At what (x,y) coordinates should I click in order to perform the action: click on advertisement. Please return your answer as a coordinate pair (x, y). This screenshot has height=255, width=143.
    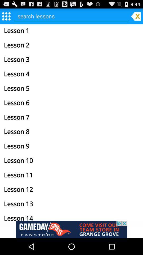
    Looking at the image, I should click on (71, 229).